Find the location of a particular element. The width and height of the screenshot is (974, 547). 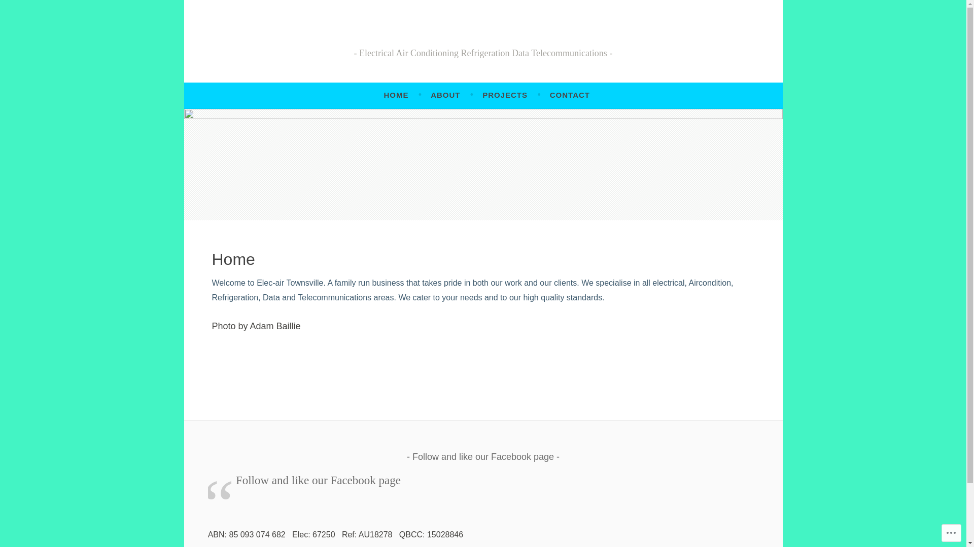

'ABOUT' is located at coordinates (445, 95).